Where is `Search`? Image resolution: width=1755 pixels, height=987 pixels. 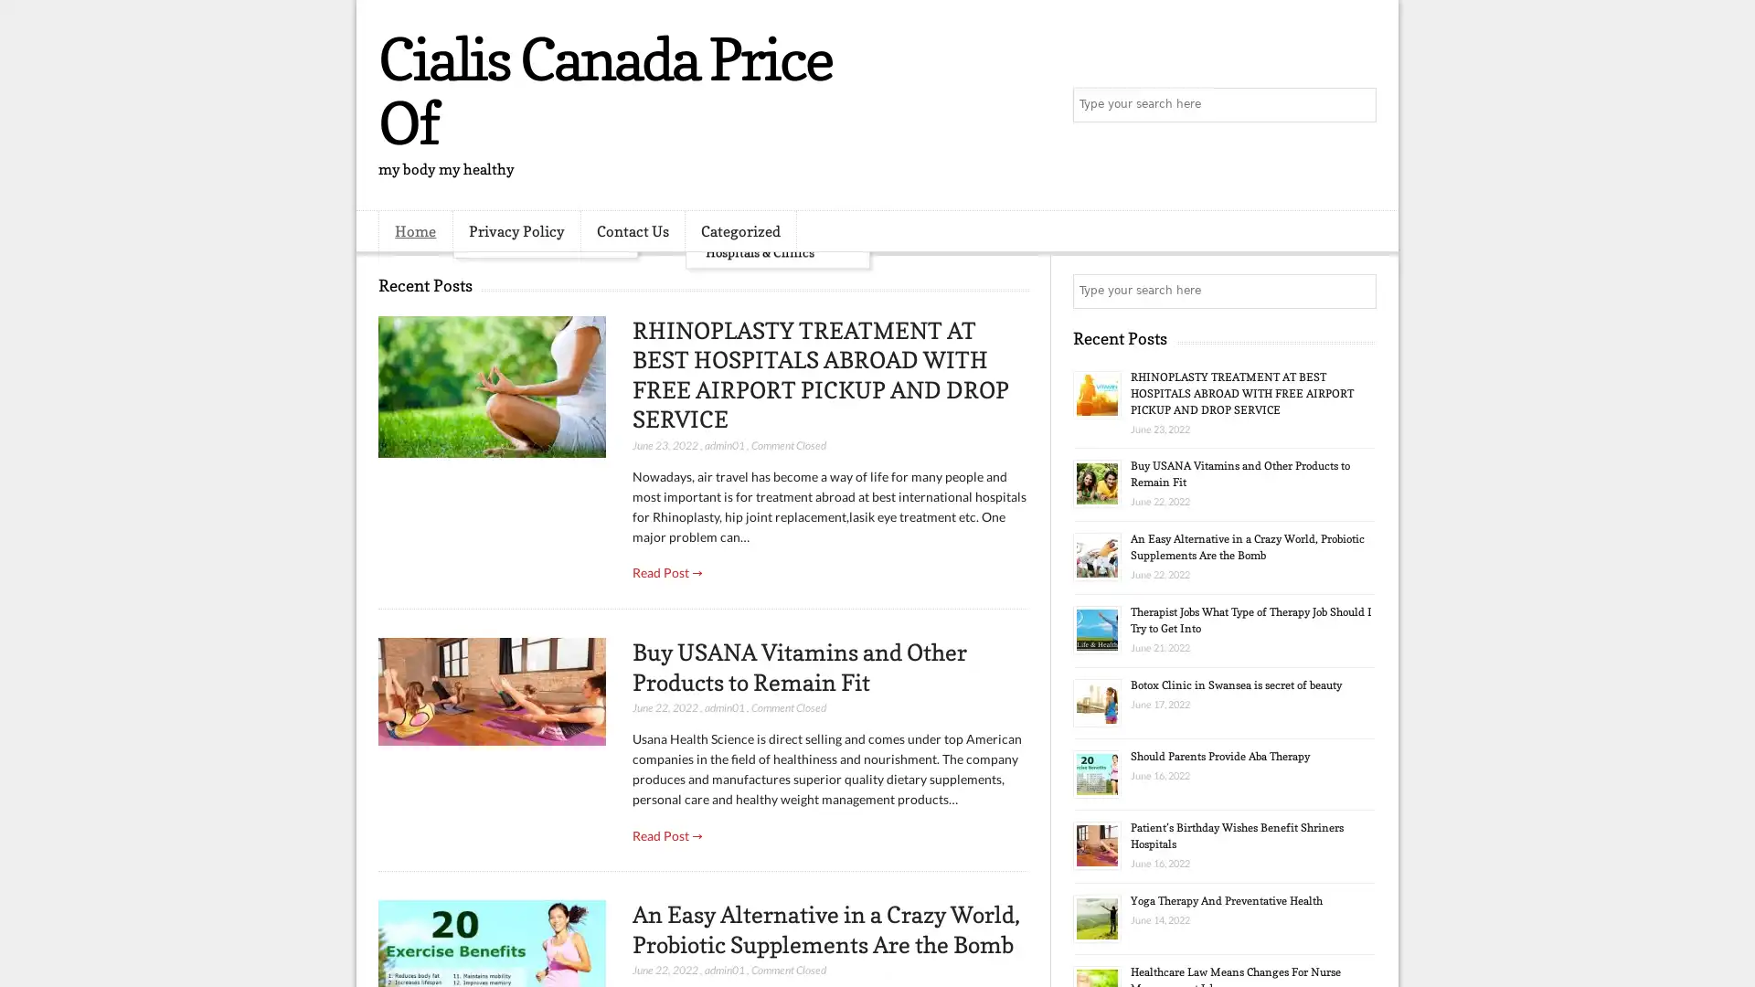
Search is located at coordinates (1357, 291).